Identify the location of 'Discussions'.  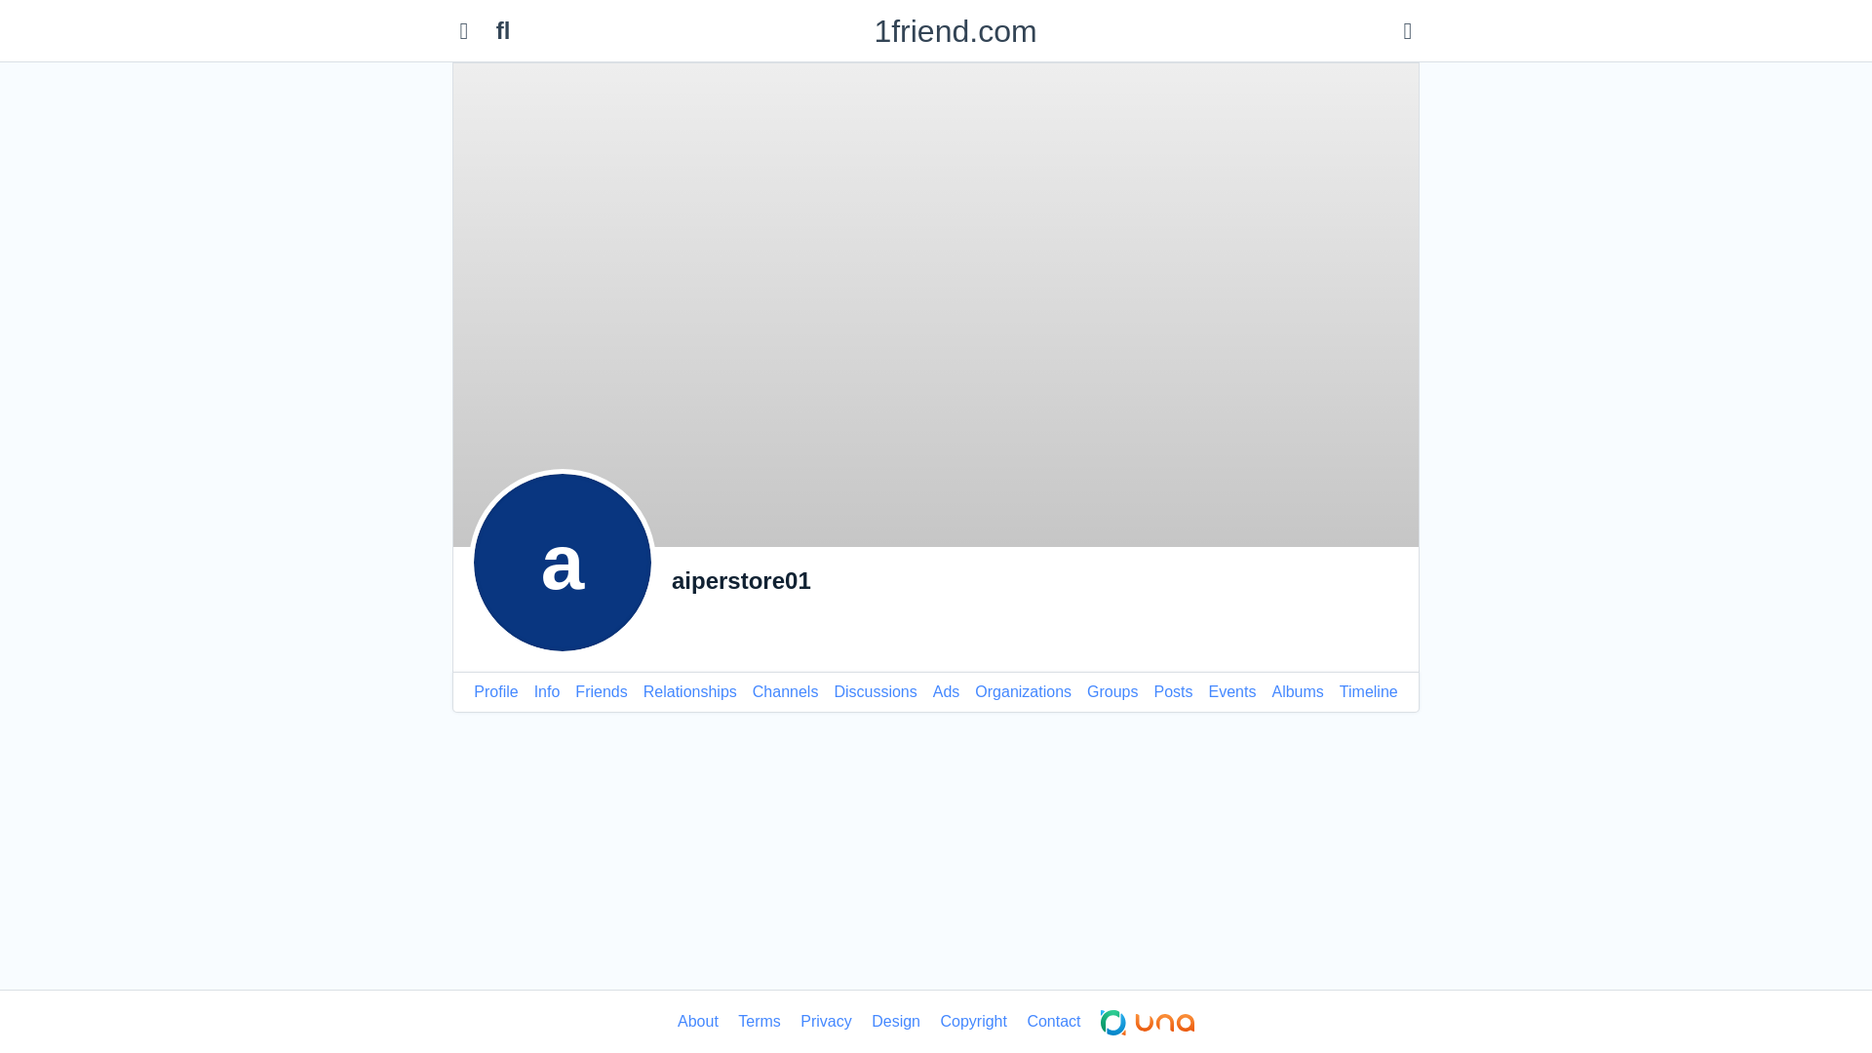
(874, 690).